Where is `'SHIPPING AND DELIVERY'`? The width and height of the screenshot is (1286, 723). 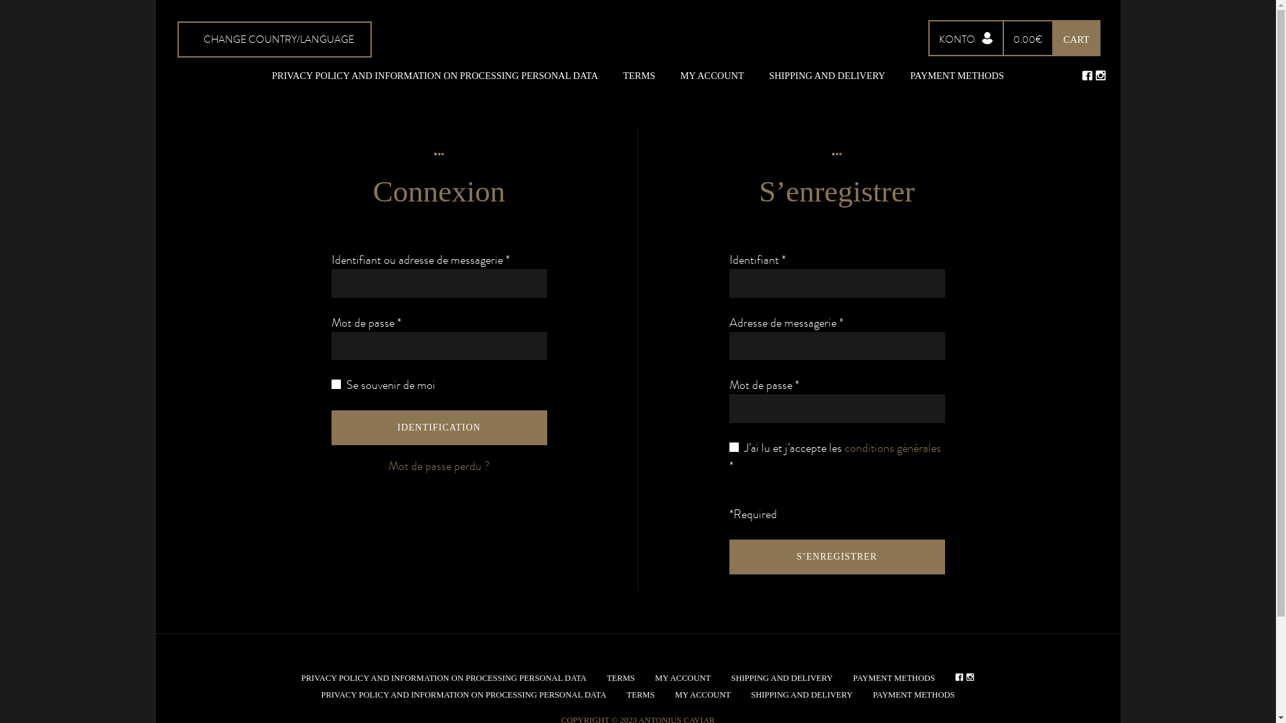 'SHIPPING AND DELIVERY' is located at coordinates (801, 694).